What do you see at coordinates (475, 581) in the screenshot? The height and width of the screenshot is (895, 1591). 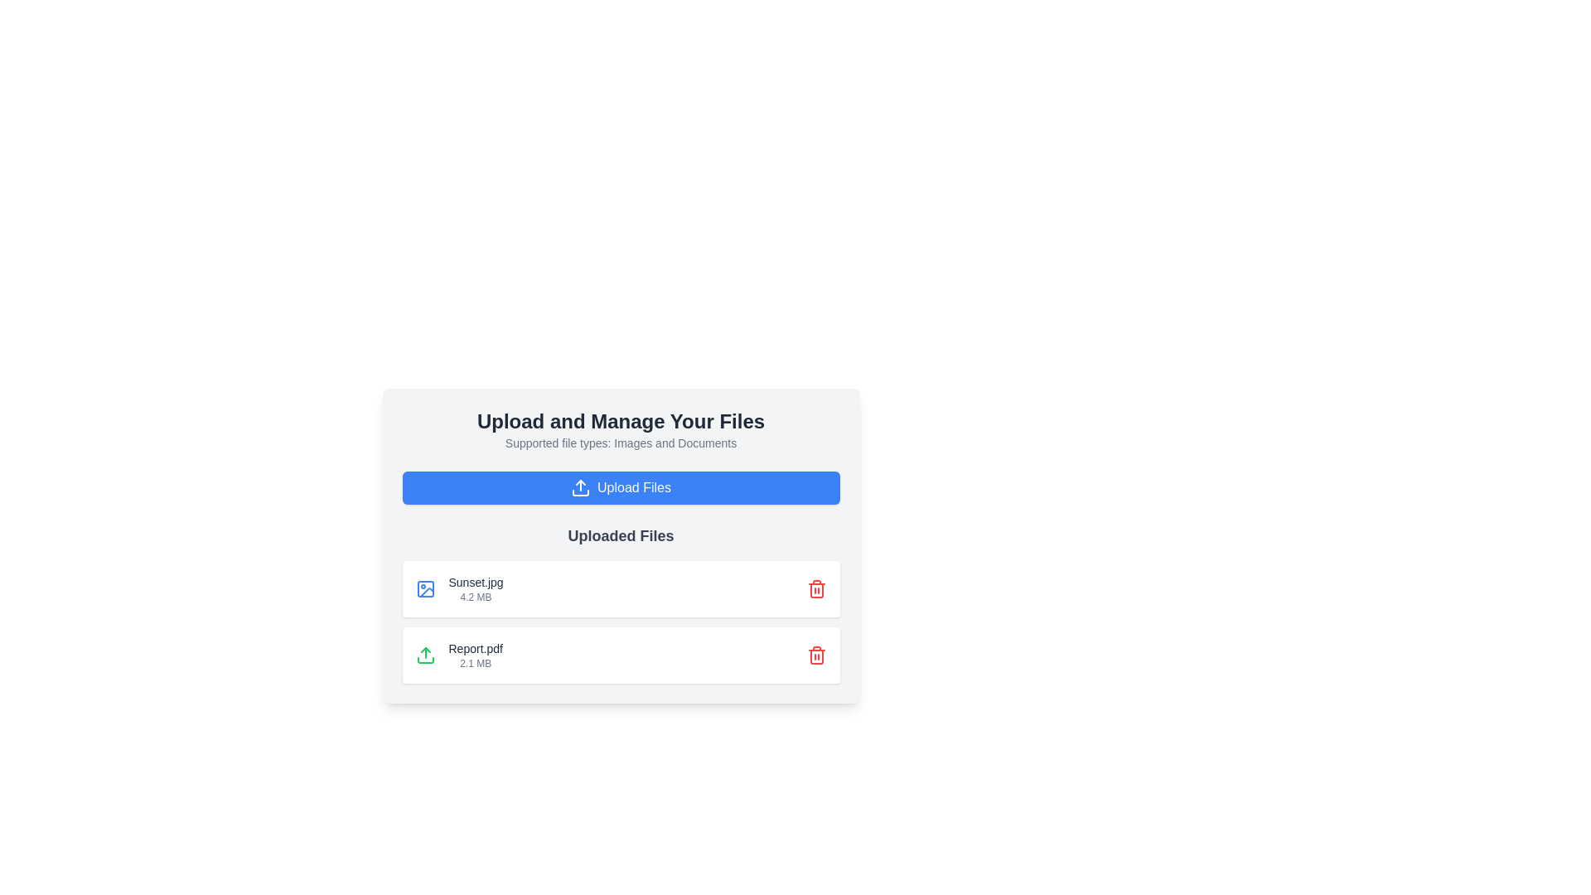 I see `the text label that displays the name of the uploaded file, which is positioned in the first row of the 'Uploaded Files' section, immediately right of the file type icon` at bounding box center [475, 581].